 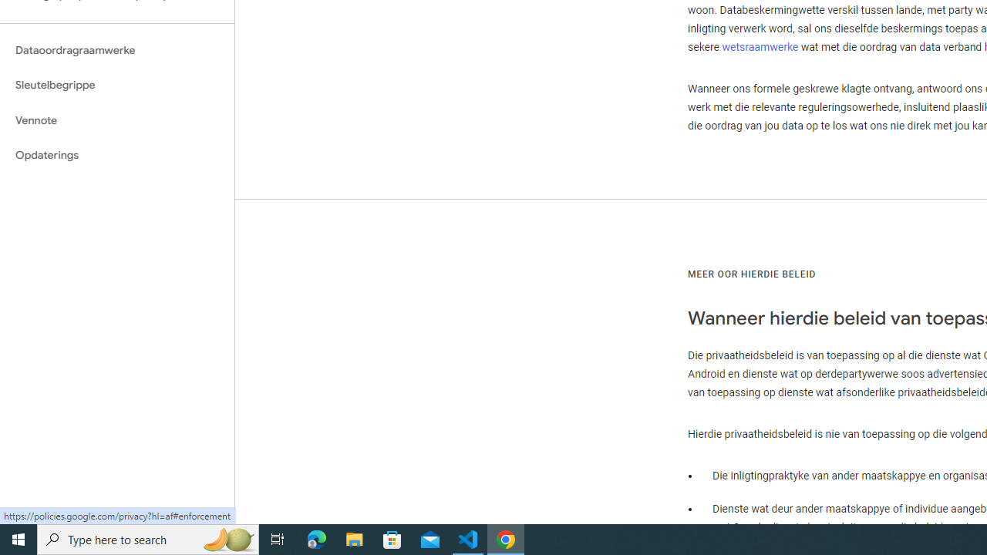 I want to click on 'wetsraamwerke', so click(x=760, y=47).